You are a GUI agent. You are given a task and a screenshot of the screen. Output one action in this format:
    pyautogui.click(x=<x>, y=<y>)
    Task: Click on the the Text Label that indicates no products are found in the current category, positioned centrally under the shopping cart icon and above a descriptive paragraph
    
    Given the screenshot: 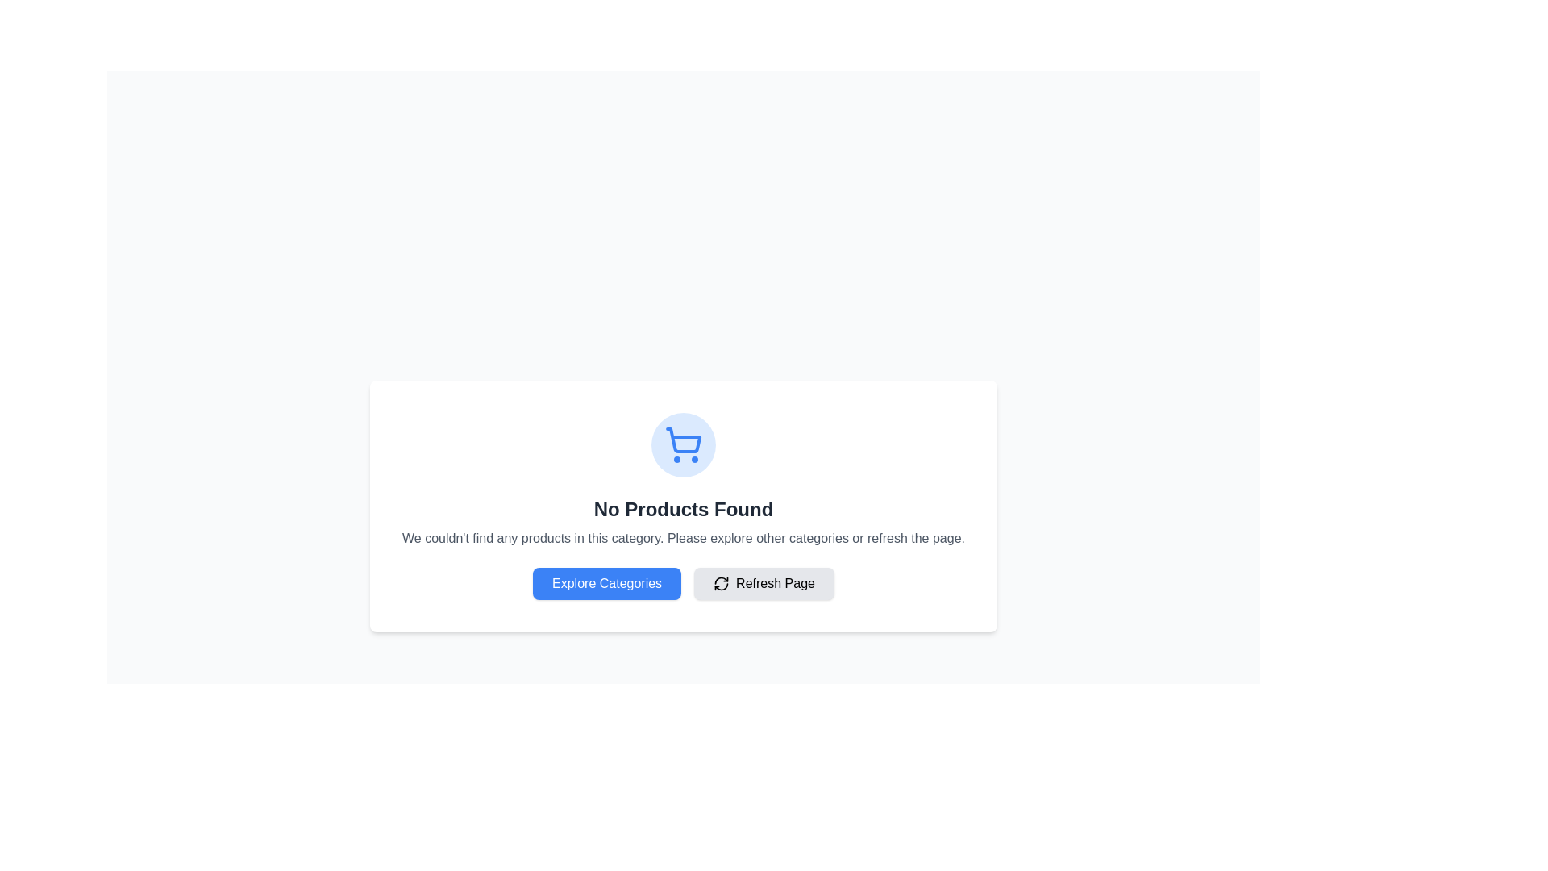 What is the action you would take?
    pyautogui.click(x=684, y=510)
    